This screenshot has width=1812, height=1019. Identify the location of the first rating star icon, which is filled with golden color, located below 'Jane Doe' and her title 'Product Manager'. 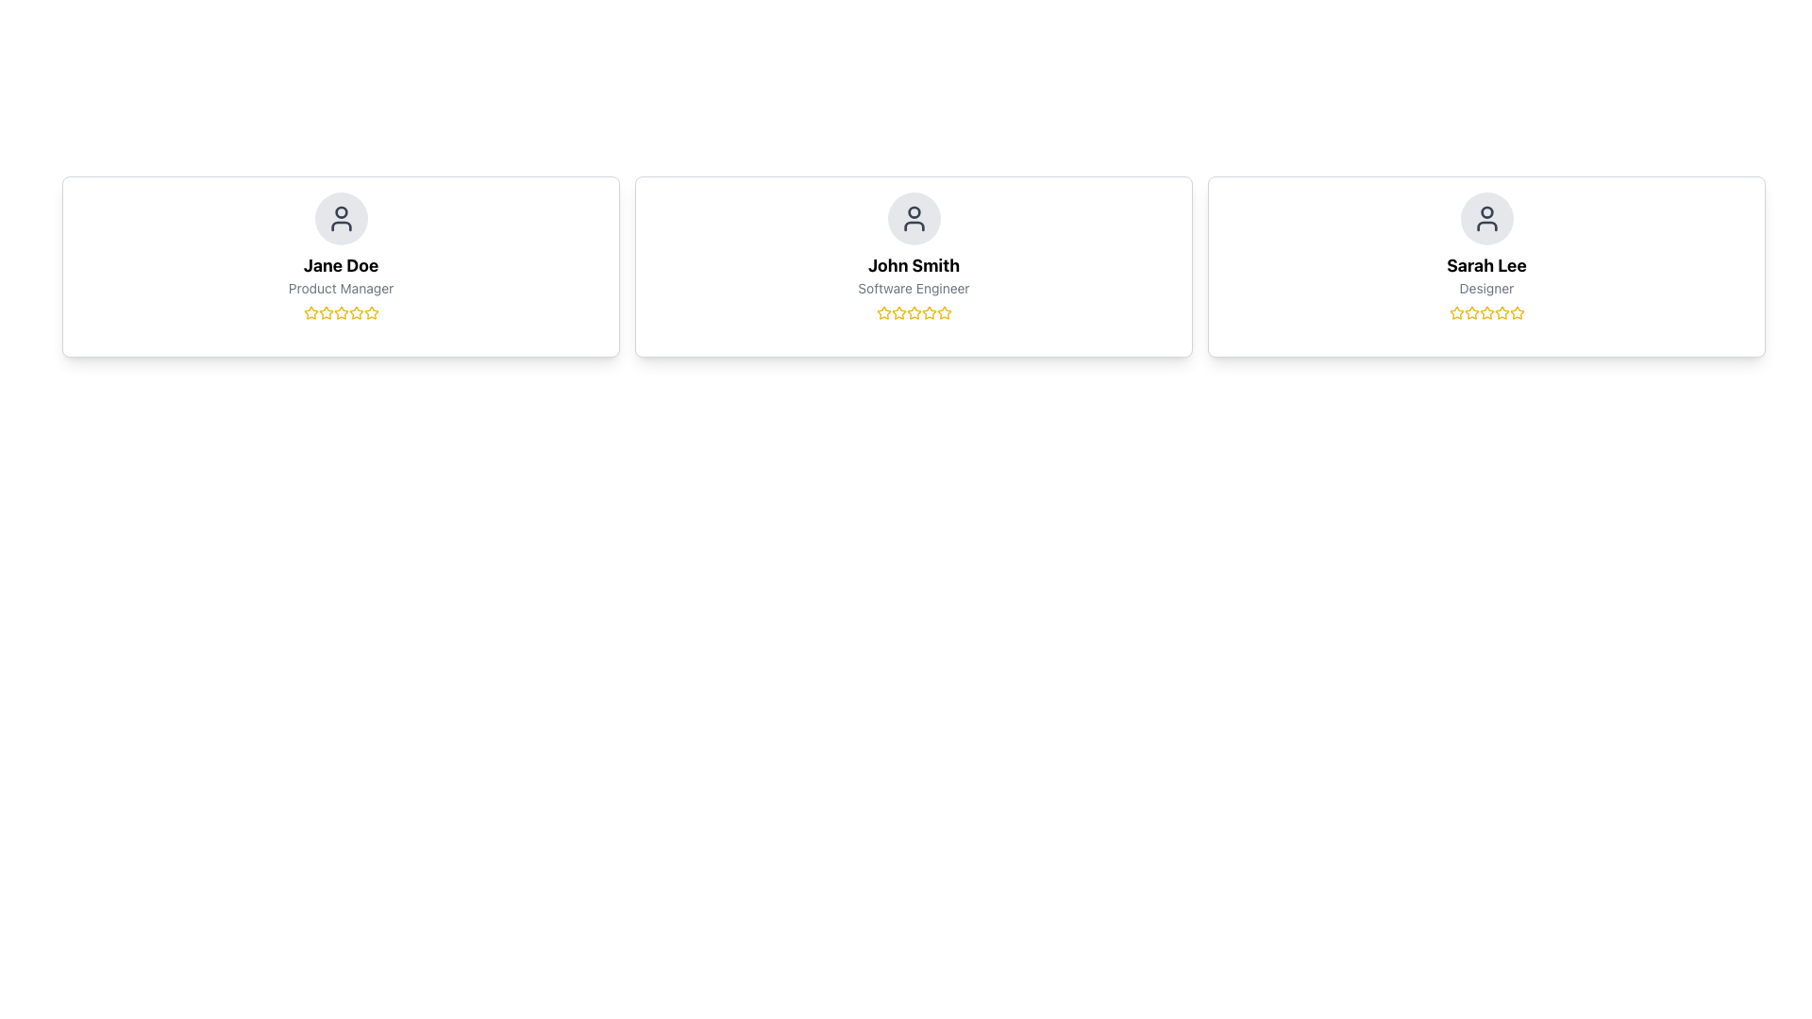
(326, 311).